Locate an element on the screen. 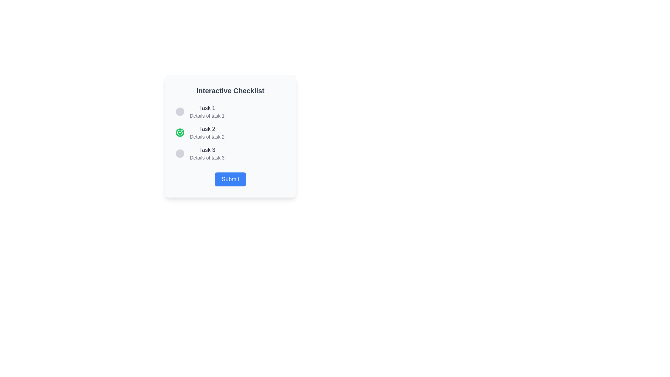 This screenshot has width=670, height=377. the button located to the left of 'Task 3Details of task 3' is located at coordinates (180, 153).